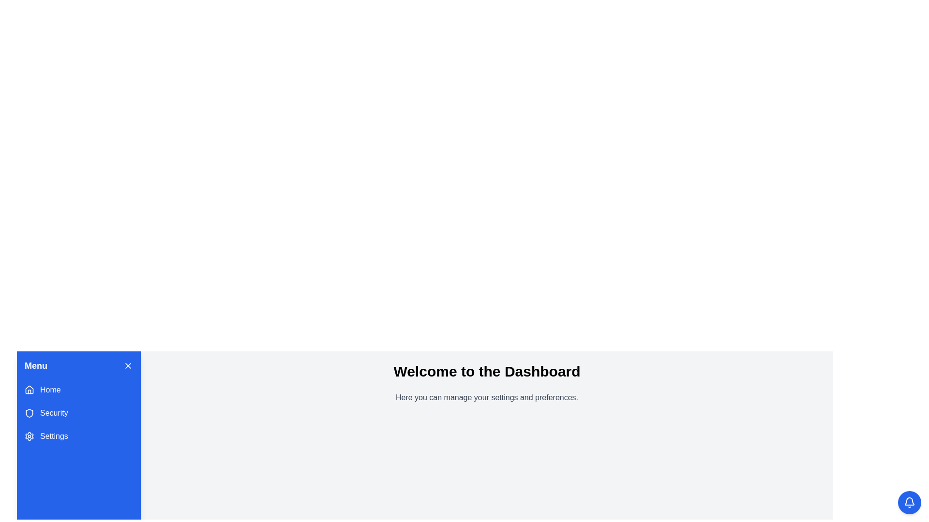 The height and width of the screenshot is (522, 929). Describe the element at coordinates (30, 389) in the screenshot. I see `the home navigation button icon, which is a 24x24 pixel SVG styled as a simple line drawing of a house, located on the blue sidebar of the vertical menu` at that location.